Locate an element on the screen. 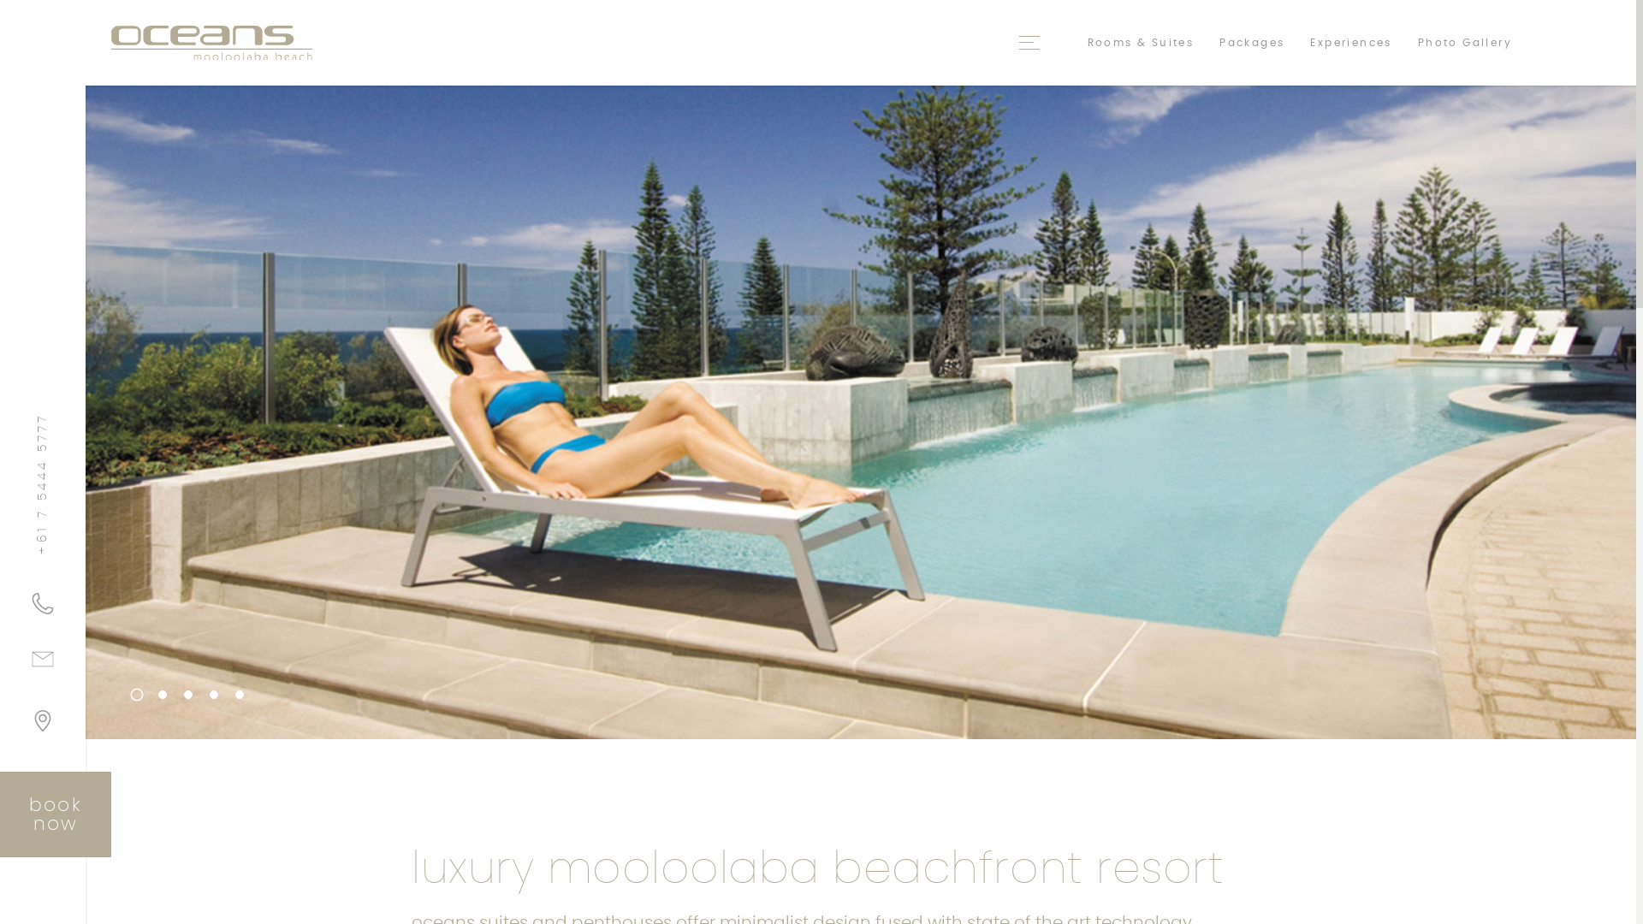 This screenshot has width=1643, height=924. 'Email Us' is located at coordinates (43, 665).